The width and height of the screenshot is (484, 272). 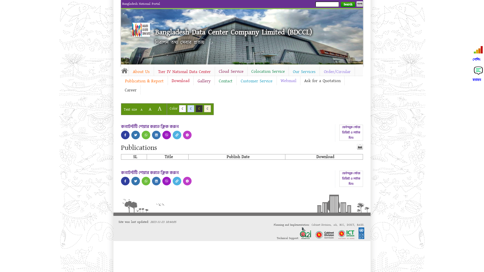 What do you see at coordinates (125, 71) in the screenshot?
I see `'Home'` at bounding box center [125, 71].